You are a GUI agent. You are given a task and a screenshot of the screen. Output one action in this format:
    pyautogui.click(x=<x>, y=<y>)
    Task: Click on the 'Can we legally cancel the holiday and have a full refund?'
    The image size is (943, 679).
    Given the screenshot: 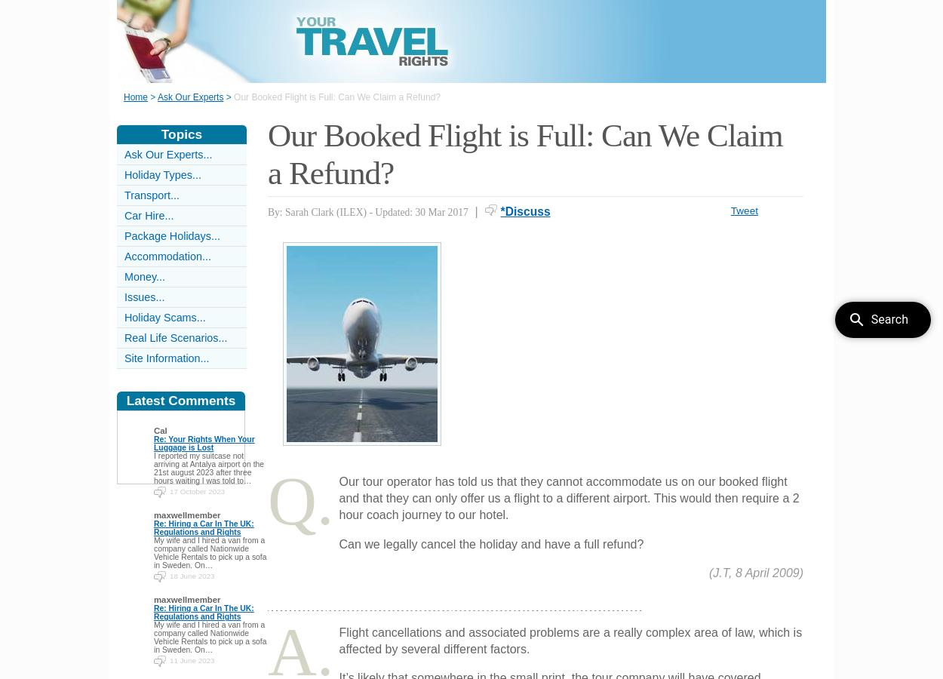 What is the action you would take?
    pyautogui.click(x=491, y=542)
    